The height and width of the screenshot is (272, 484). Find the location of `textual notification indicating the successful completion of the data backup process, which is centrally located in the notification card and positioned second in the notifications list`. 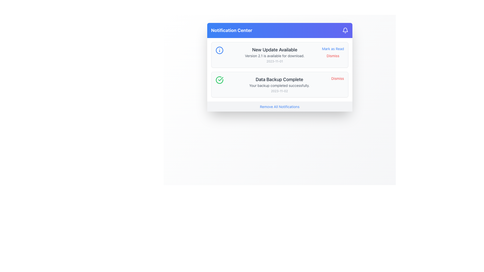

textual notification indicating the successful completion of the data backup process, which is centrally located in the notification card and positioned second in the notifications list is located at coordinates (279, 84).